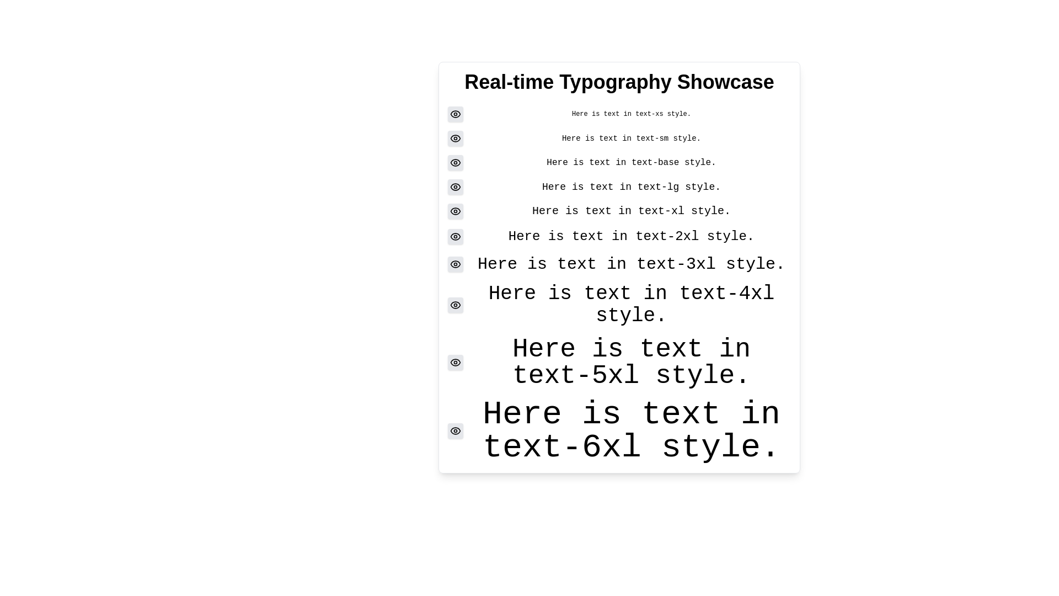 The width and height of the screenshot is (1059, 596). What do you see at coordinates (455, 264) in the screenshot?
I see `the visibility toggle button located to the left of the text 'Here is text in text-3xl style' for keyboard interaction` at bounding box center [455, 264].